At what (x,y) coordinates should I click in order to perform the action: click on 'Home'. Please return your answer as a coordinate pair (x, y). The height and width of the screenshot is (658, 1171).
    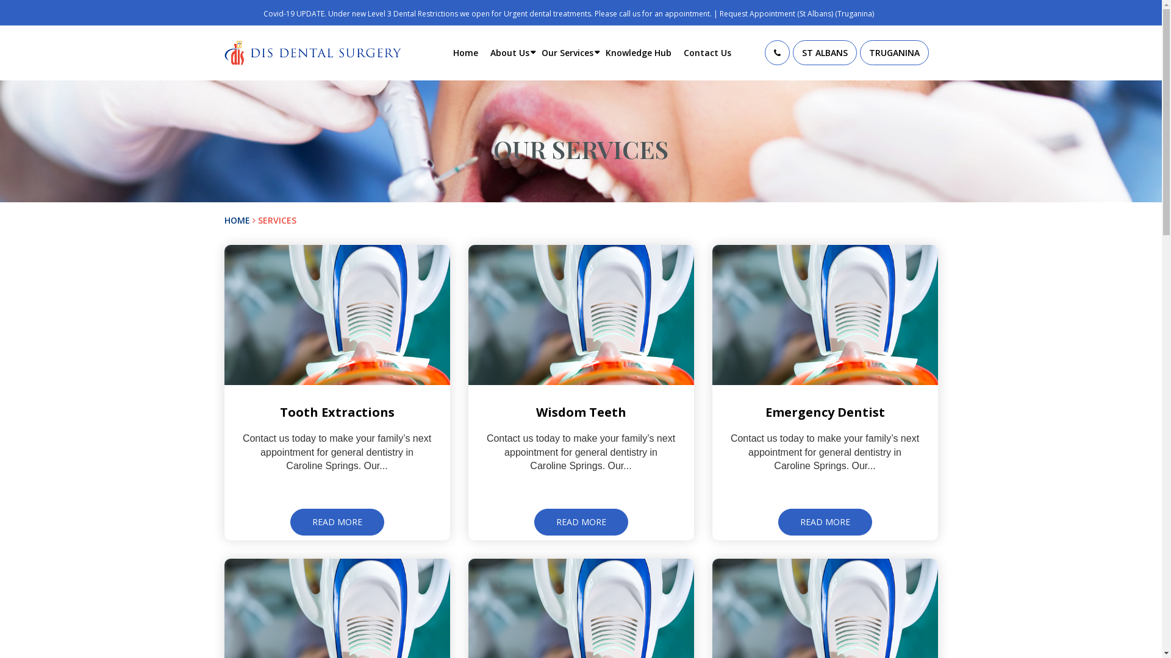
    Looking at the image, I should click on (465, 52).